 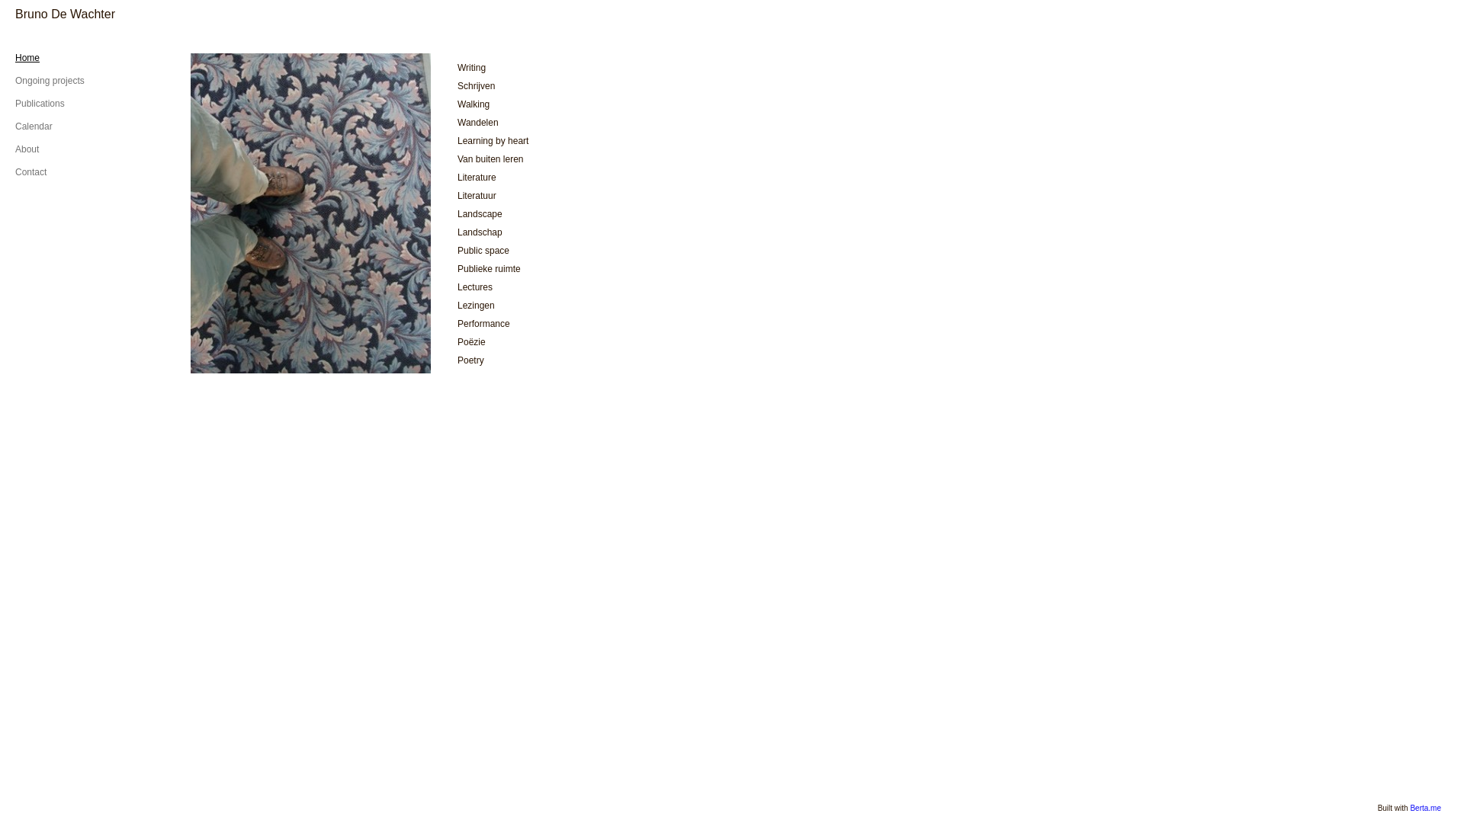 I want to click on 'Ongoing projects', so click(x=50, y=80).